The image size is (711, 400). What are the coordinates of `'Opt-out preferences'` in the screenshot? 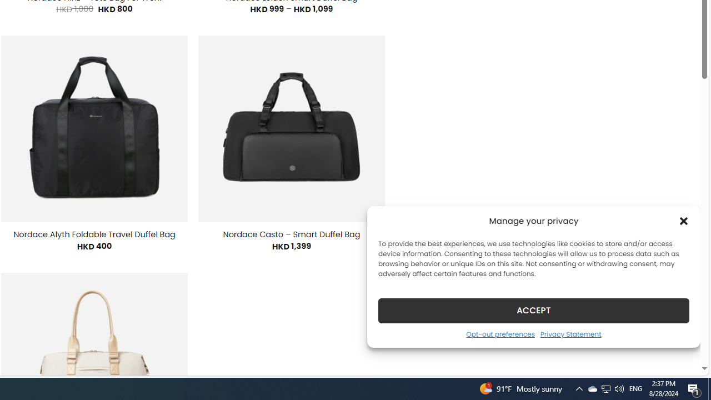 It's located at (499, 333).